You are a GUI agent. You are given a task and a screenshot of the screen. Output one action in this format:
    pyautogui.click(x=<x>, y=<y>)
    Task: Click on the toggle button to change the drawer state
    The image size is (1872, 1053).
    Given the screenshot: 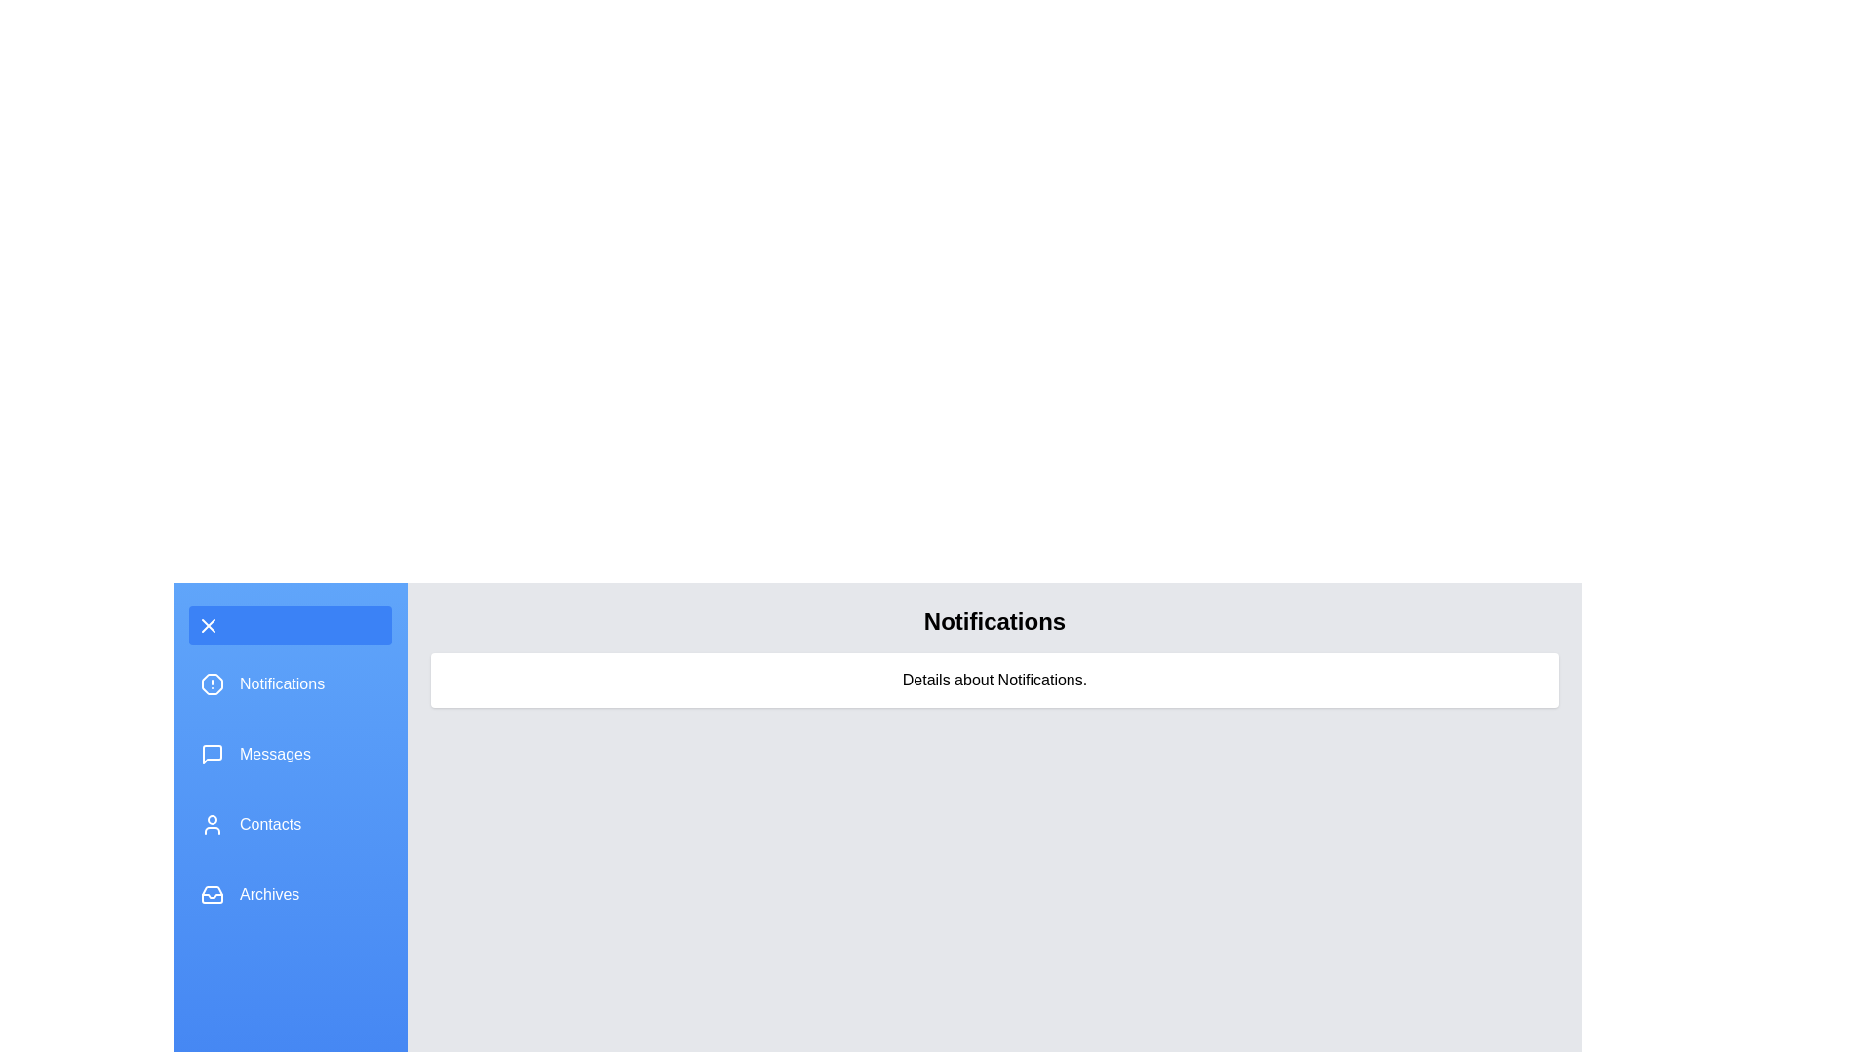 What is the action you would take?
    pyautogui.click(x=289, y=625)
    